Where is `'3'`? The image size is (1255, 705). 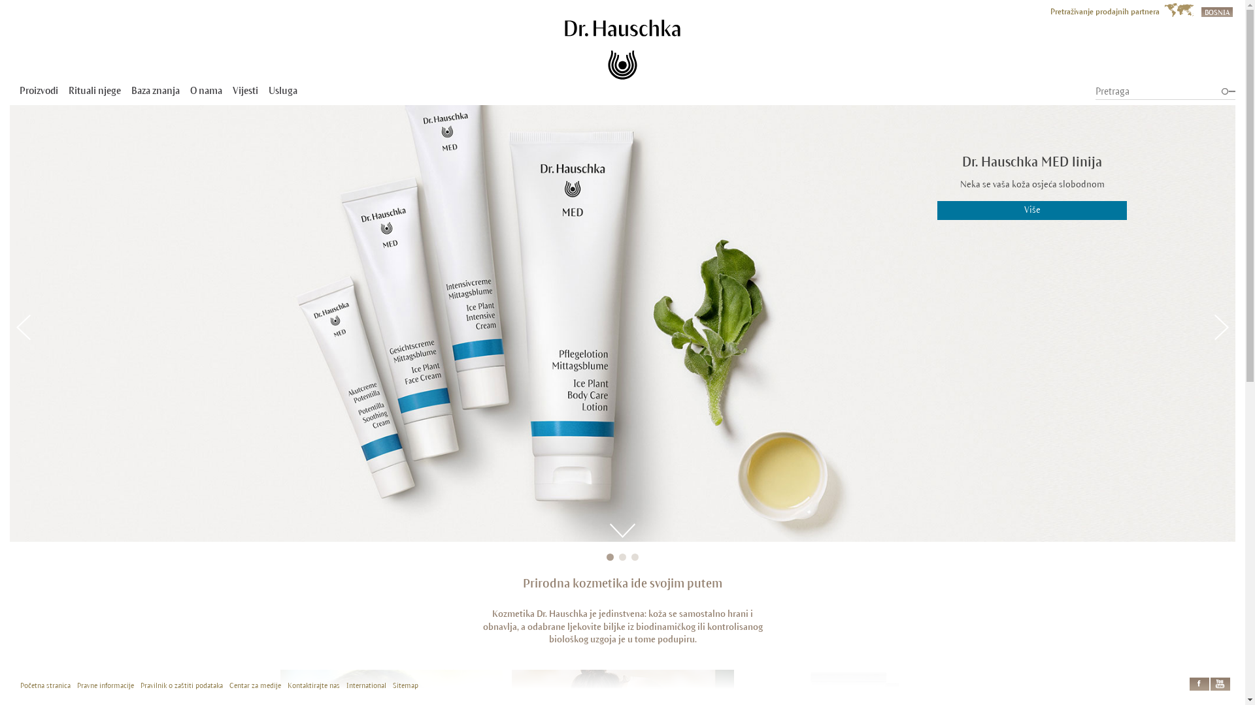
'3' is located at coordinates (635, 557).